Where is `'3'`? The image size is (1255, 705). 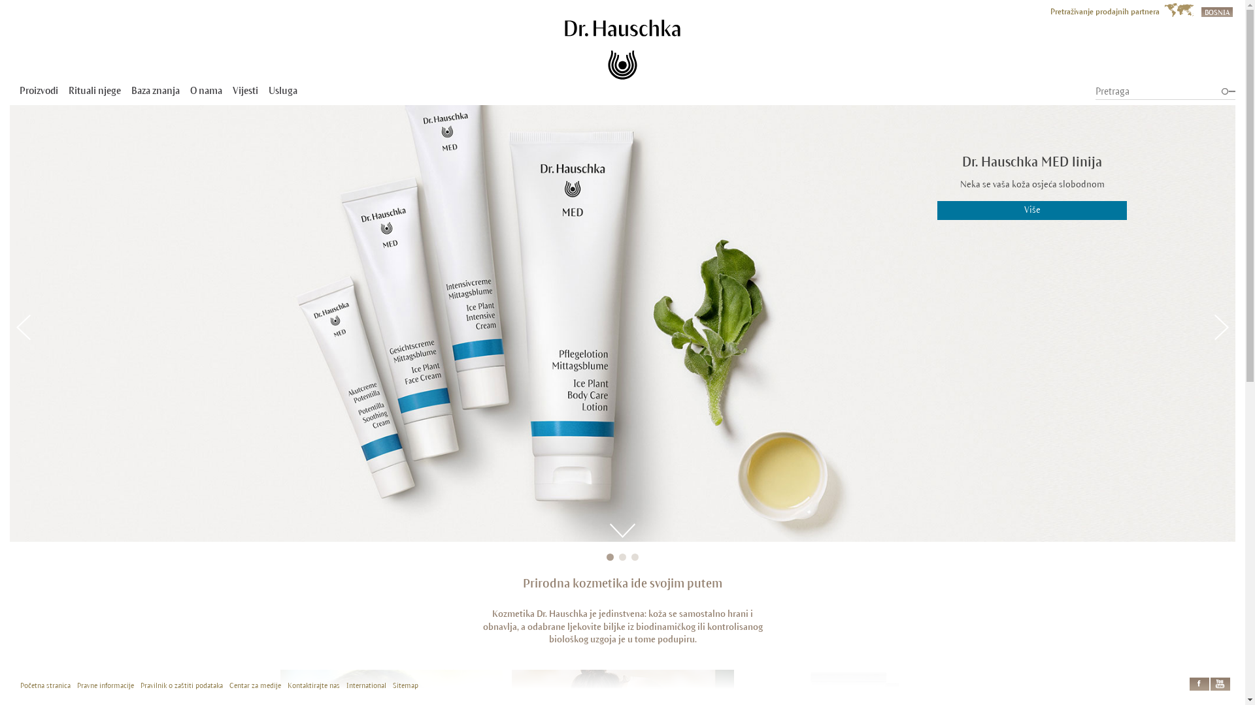
'3' is located at coordinates (635, 557).